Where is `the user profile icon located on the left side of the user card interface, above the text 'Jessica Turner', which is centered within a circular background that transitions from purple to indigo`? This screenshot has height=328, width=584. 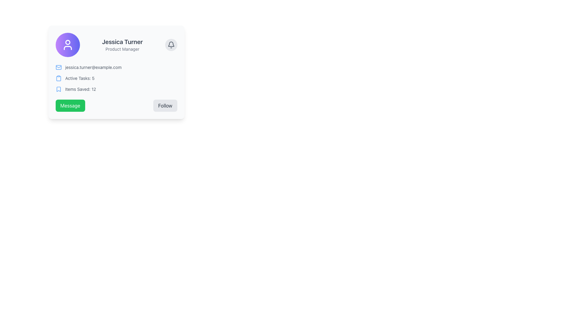 the user profile icon located on the left side of the user card interface, above the text 'Jessica Turner', which is centered within a circular background that transitions from purple to indigo is located at coordinates (68, 44).